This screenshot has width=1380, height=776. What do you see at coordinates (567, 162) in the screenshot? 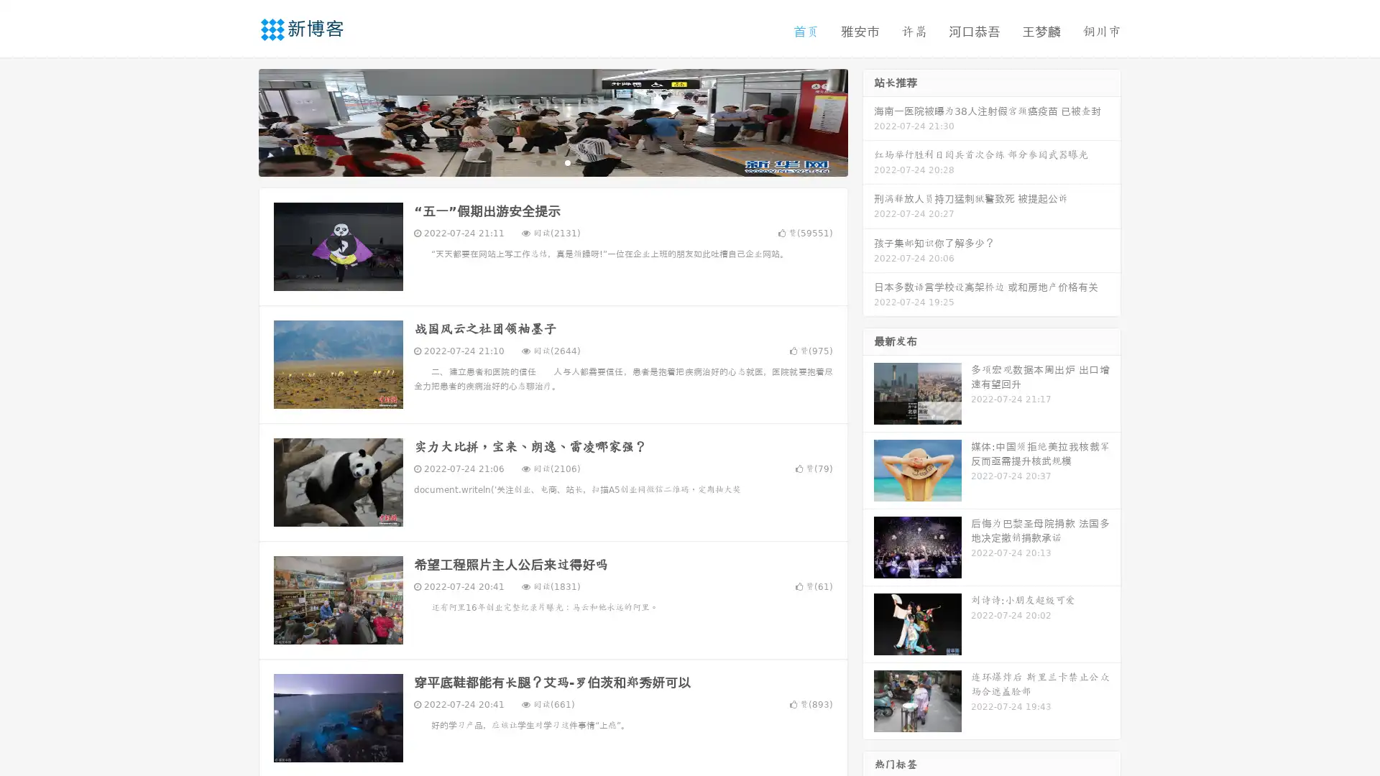
I see `Go to slide 3` at bounding box center [567, 162].